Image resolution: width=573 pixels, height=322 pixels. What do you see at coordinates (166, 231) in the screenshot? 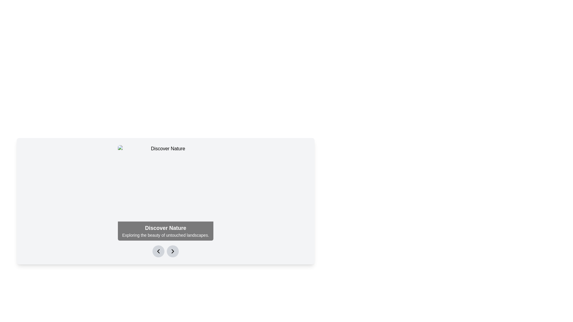
I see `text displayed on the dark background banner at the bottom of the main content area, which includes 'Discover Nature' and 'Exploring the beauty of untouched landscapes.'` at bounding box center [166, 231].